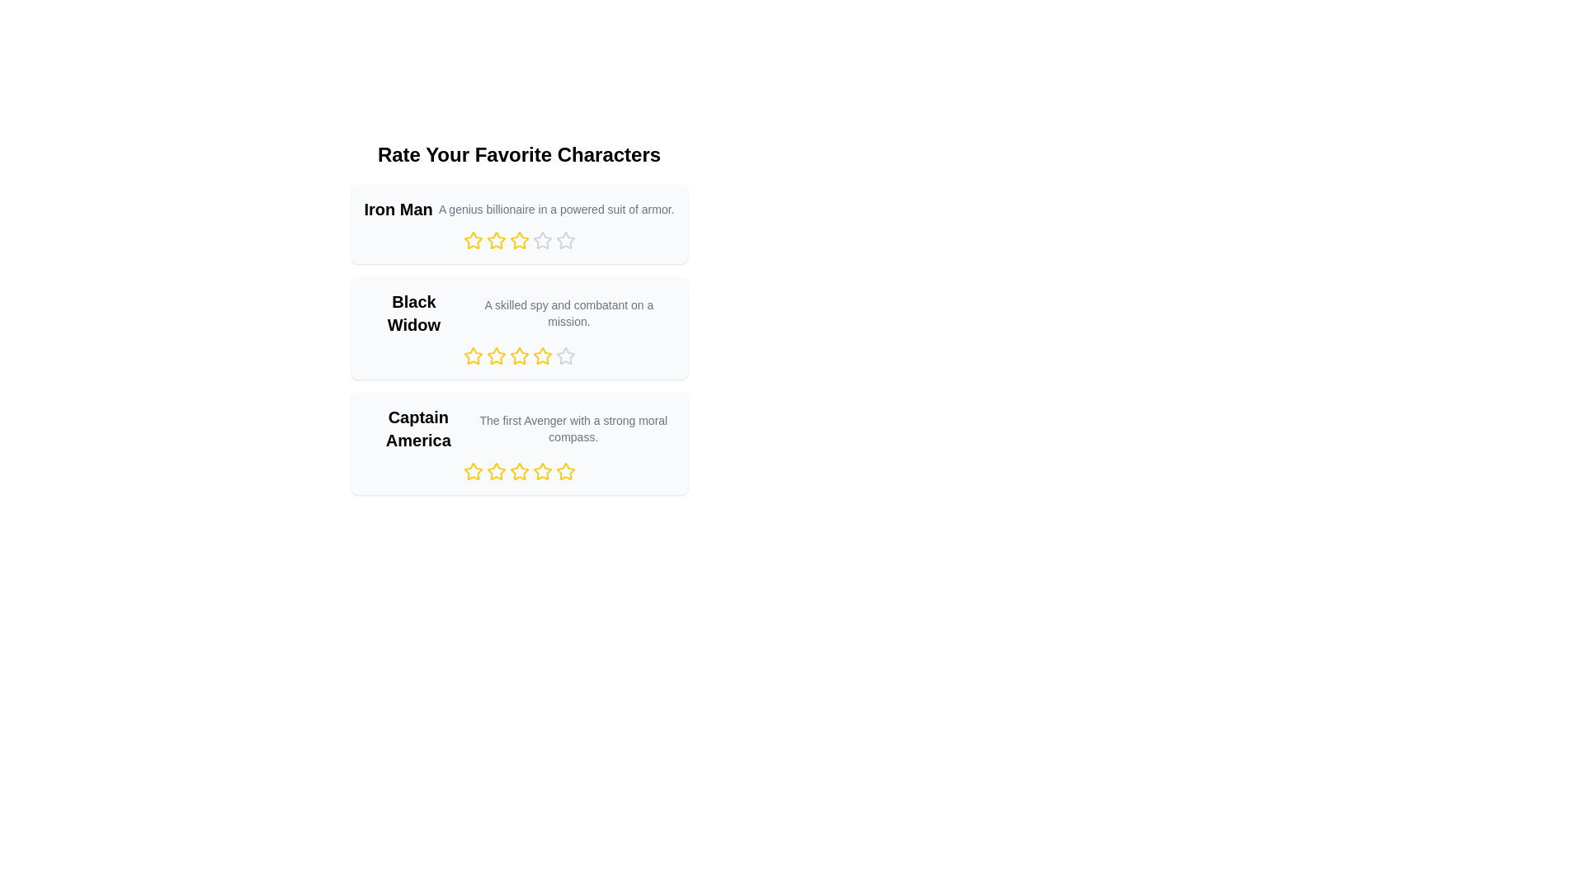 This screenshot has height=891, width=1584. What do you see at coordinates (518, 442) in the screenshot?
I see `the star in the rating system of the 'Captain America' card to rate the character` at bounding box center [518, 442].